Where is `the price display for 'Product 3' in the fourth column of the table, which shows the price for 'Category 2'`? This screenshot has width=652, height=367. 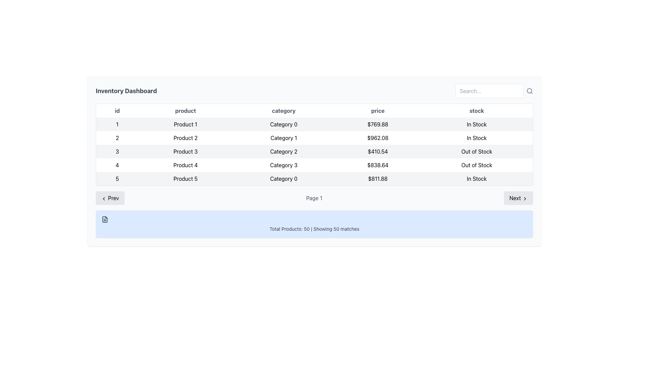 the price display for 'Product 3' in the fourth column of the table, which shows the price for 'Category 2' is located at coordinates (377, 151).